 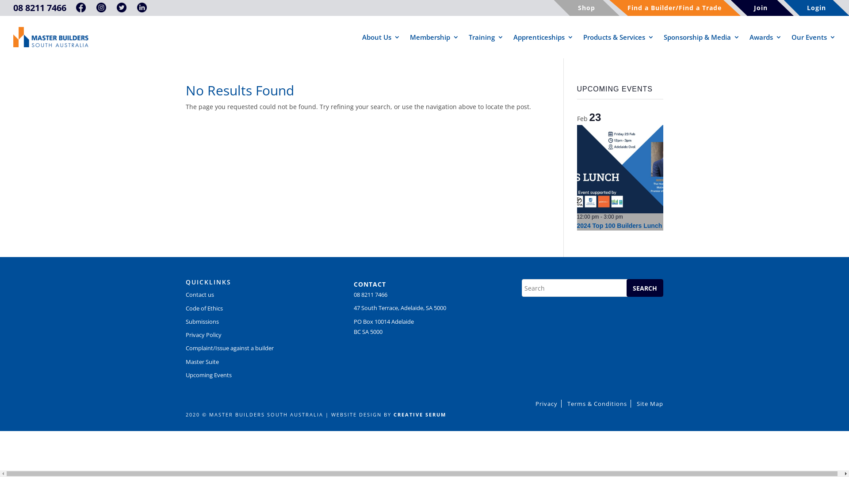 I want to click on 'Complaint/Issue against a builder', so click(x=229, y=347).